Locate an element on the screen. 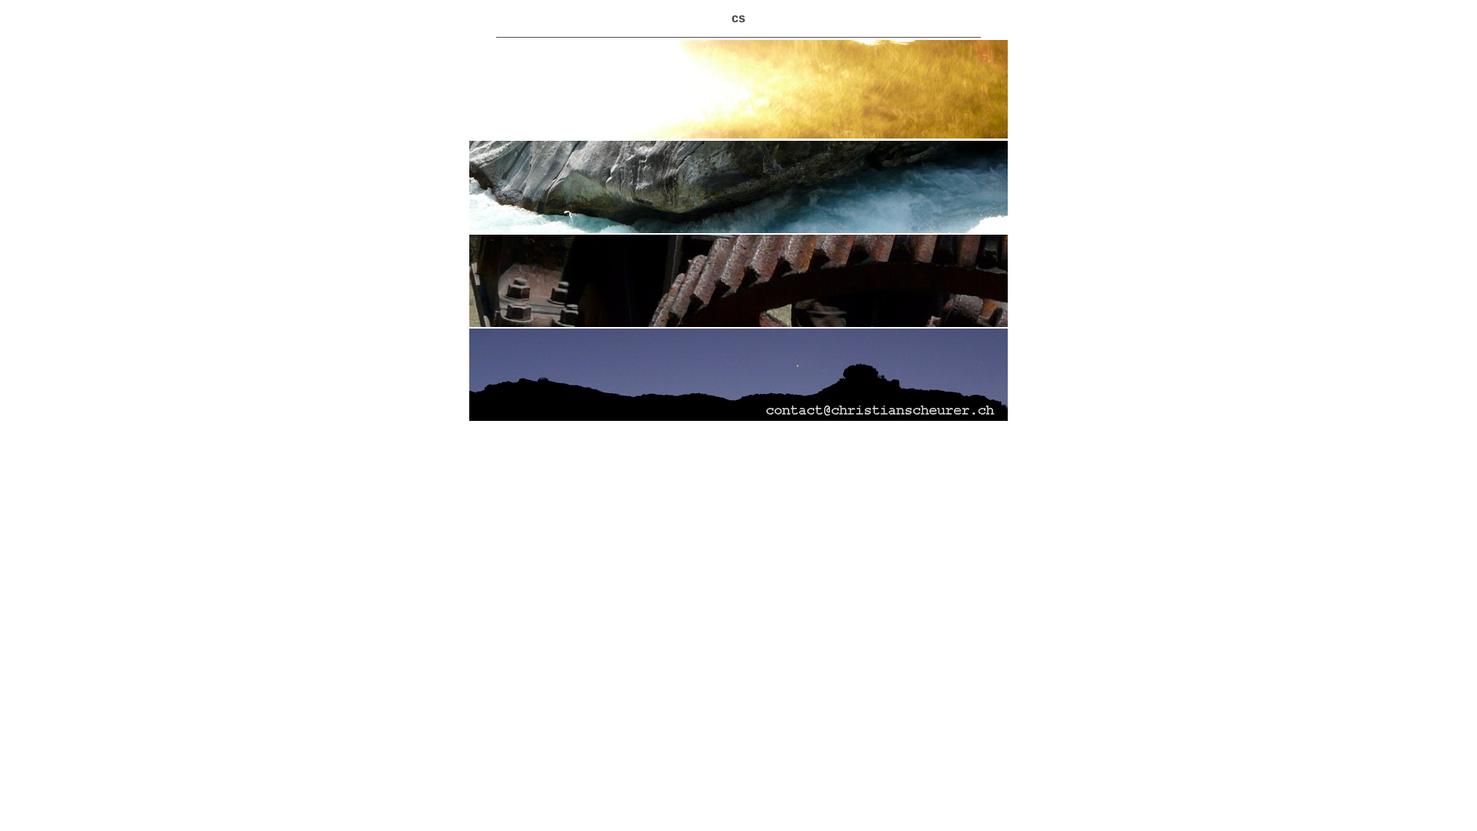 Image resolution: width=1477 pixels, height=831 pixels. 'cs' is located at coordinates (738, 18).